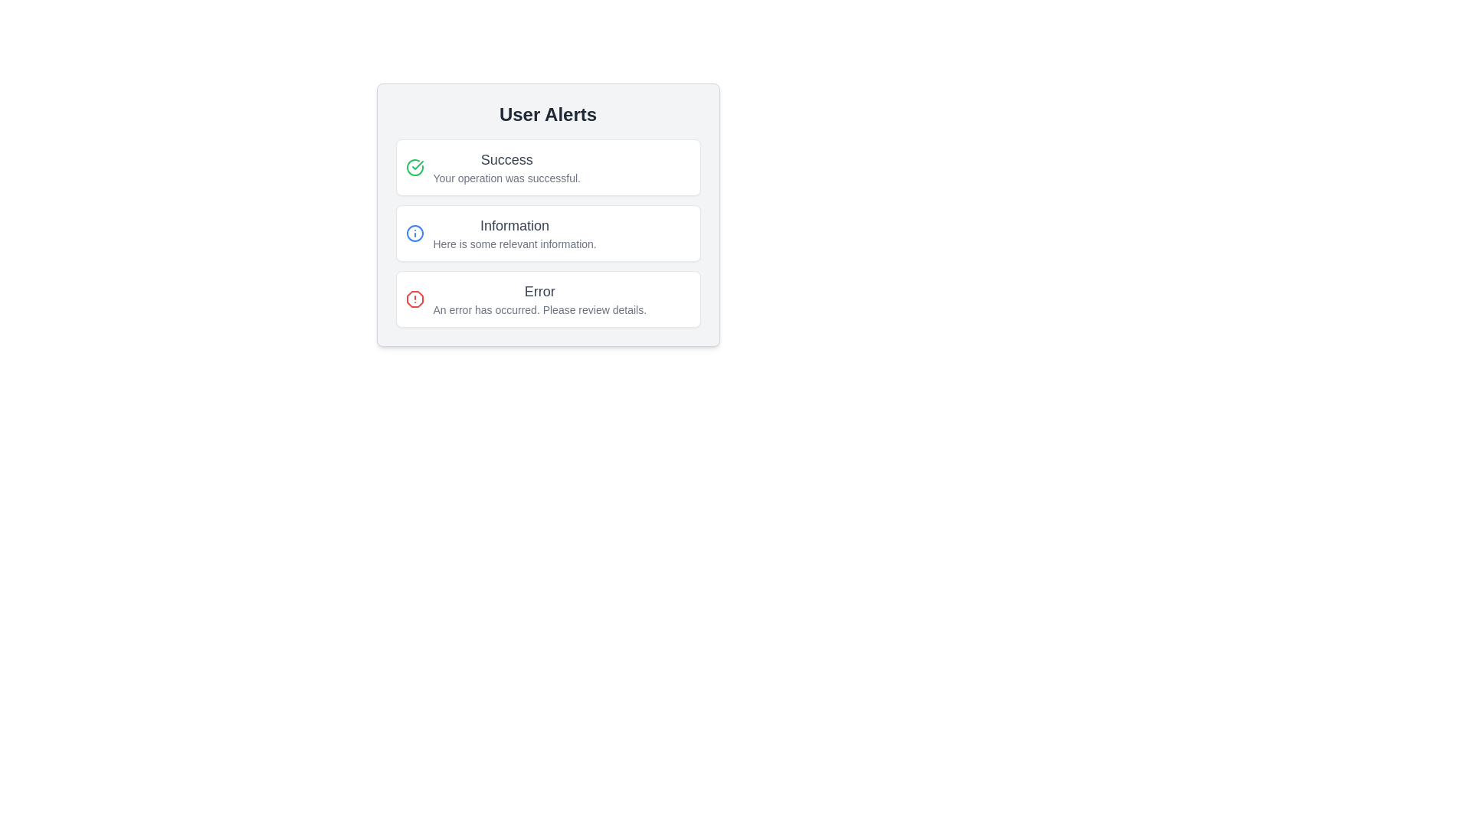  I want to click on the information icon located to the left of the 'Information' text in the 'User Alerts' section, which is aligned horizontally with the accompanying text, so click(414, 233).